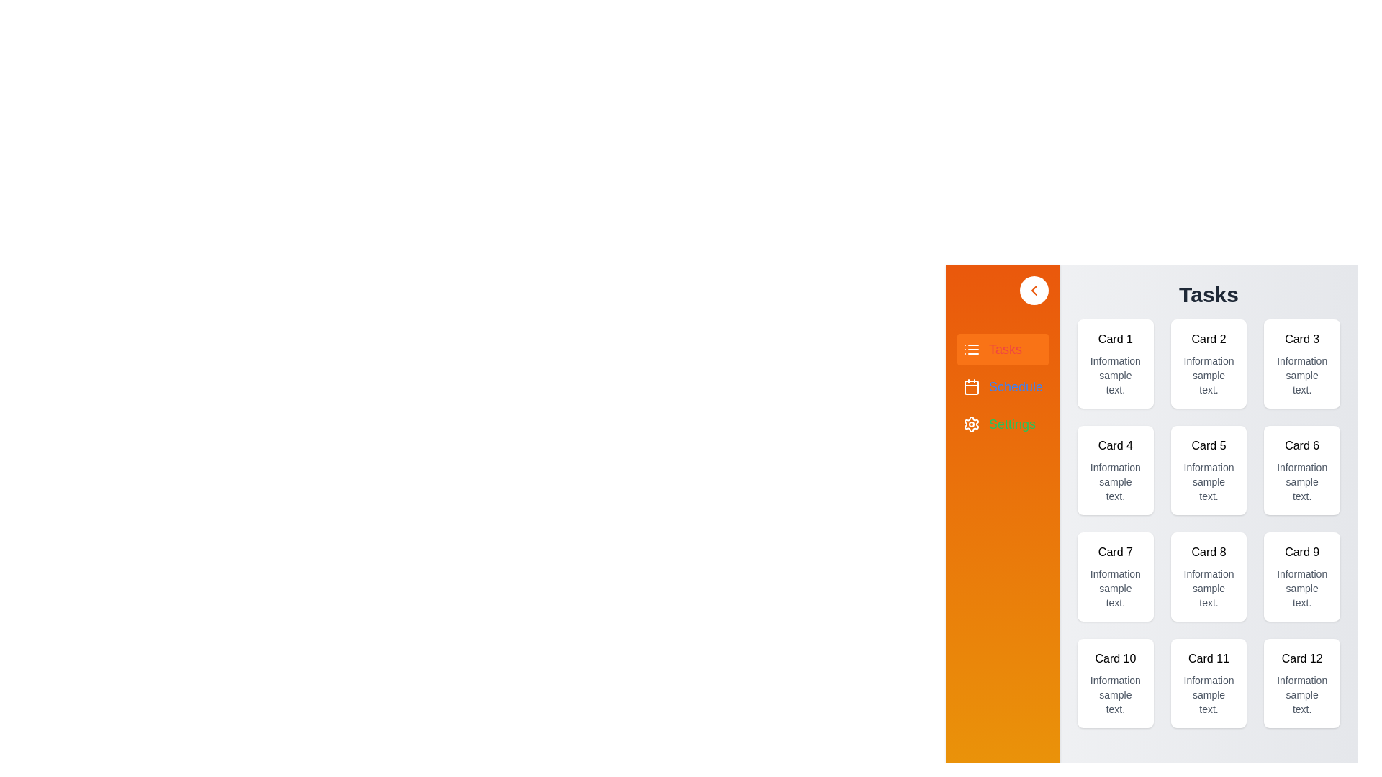 This screenshot has width=1382, height=777. I want to click on the Schedule section from the drawer, so click(1002, 386).